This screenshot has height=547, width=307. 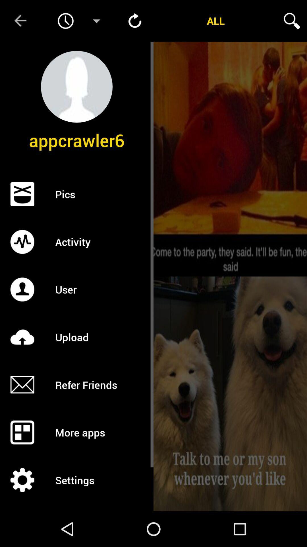 I want to click on the person 's profile, so click(x=77, y=86).